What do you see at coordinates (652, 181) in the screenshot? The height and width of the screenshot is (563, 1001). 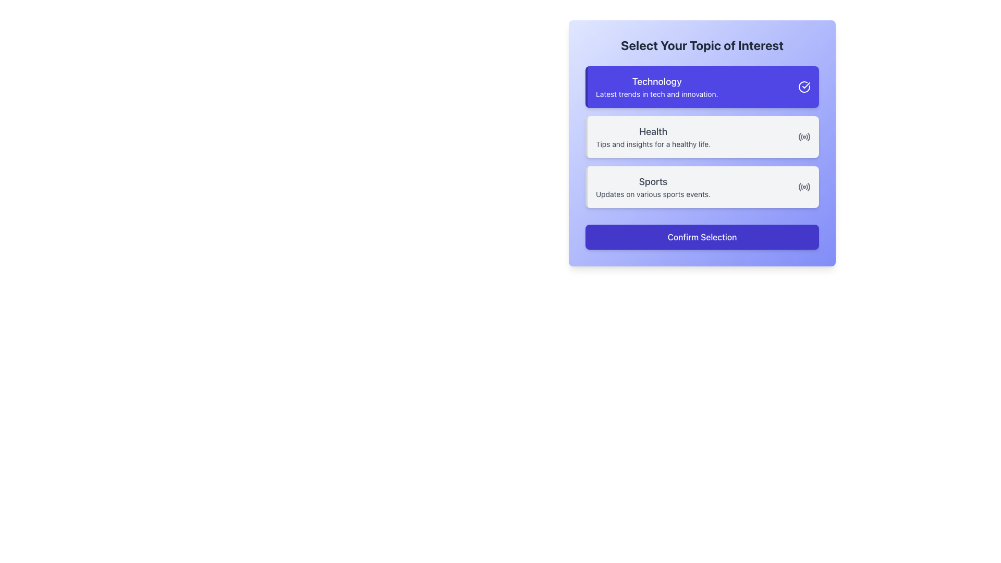 I see `the header text of the third card in the vertical list` at bounding box center [652, 181].